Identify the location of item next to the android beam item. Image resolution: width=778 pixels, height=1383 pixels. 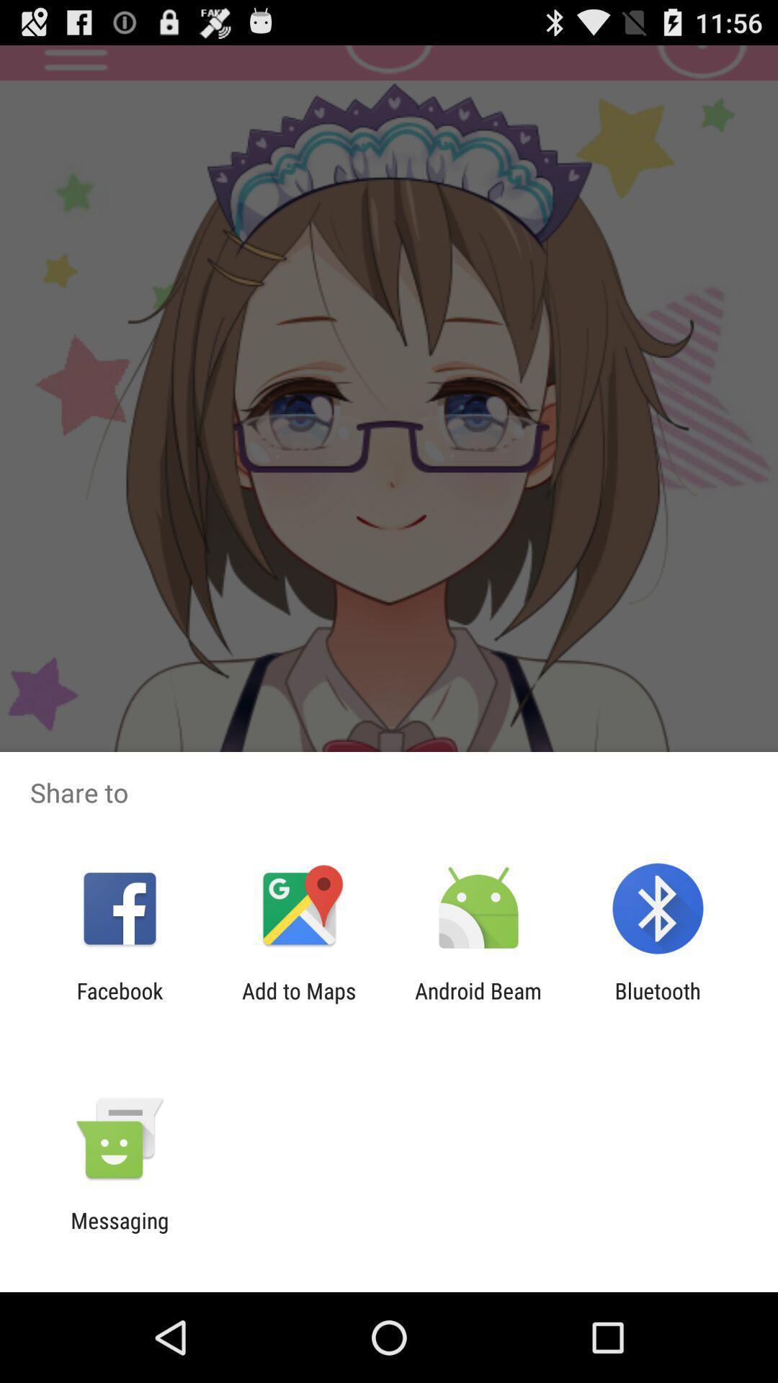
(298, 1003).